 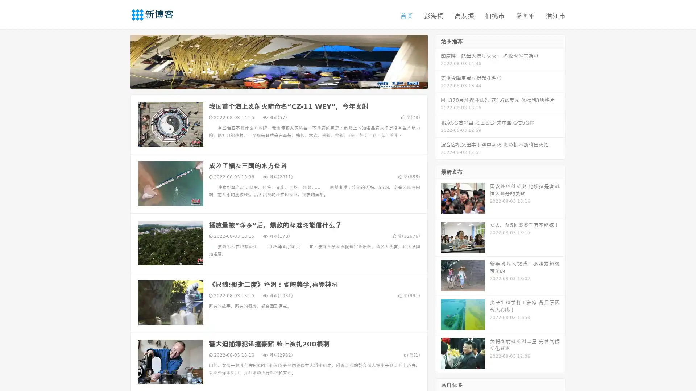 I want to click on Go to slide 3, so click(x=286, y=81).